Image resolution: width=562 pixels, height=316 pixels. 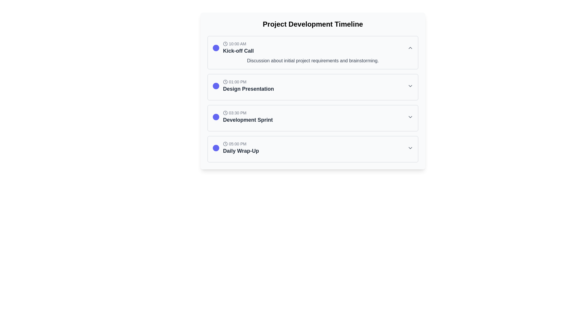 I want to click on the small circular clock icon located to the left of the text '03:30 PM' within the 'Development Sprint' timeline event entry, so click(x=225, y=113).